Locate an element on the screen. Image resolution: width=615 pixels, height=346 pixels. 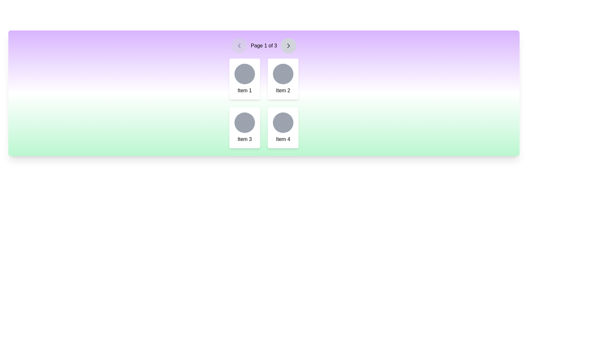
the third card in the bottom-left quadrant of a 2x2 grid is located at coordinates (244, 128).